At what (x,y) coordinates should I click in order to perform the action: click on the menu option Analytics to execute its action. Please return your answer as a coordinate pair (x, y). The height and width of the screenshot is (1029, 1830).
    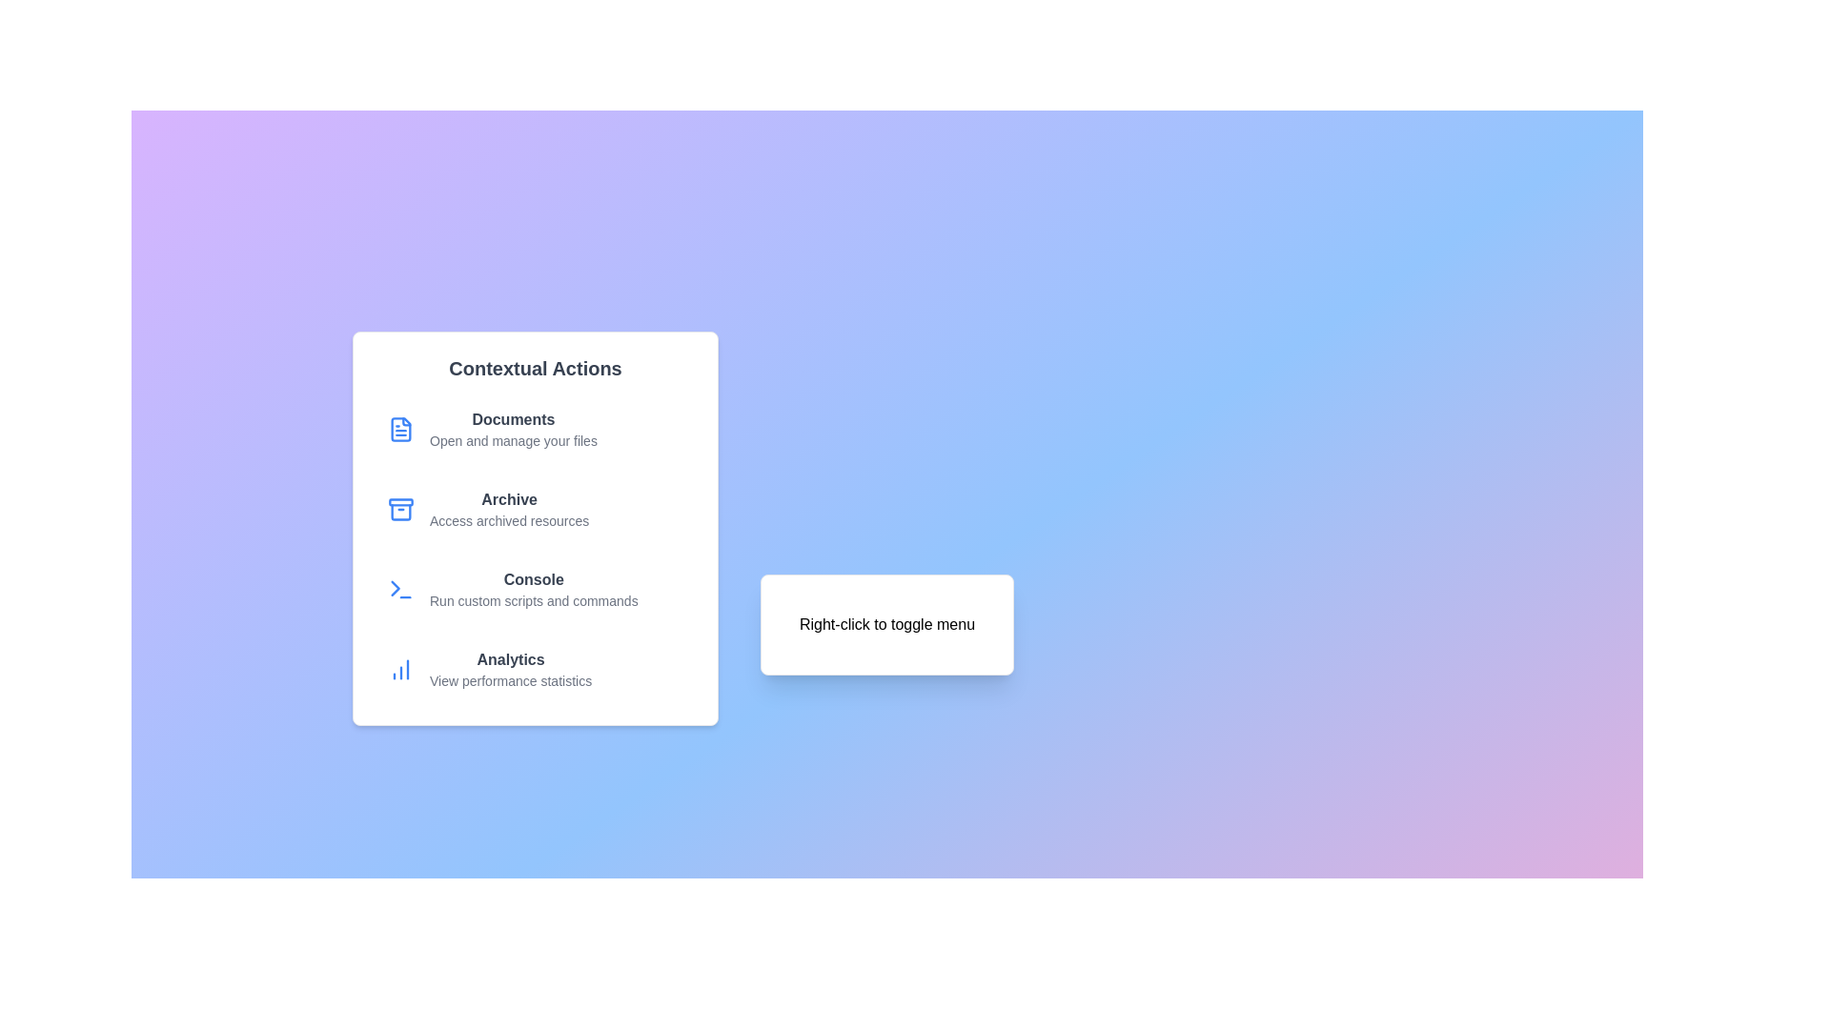
    Looking at the image, I should click on (534, 668).